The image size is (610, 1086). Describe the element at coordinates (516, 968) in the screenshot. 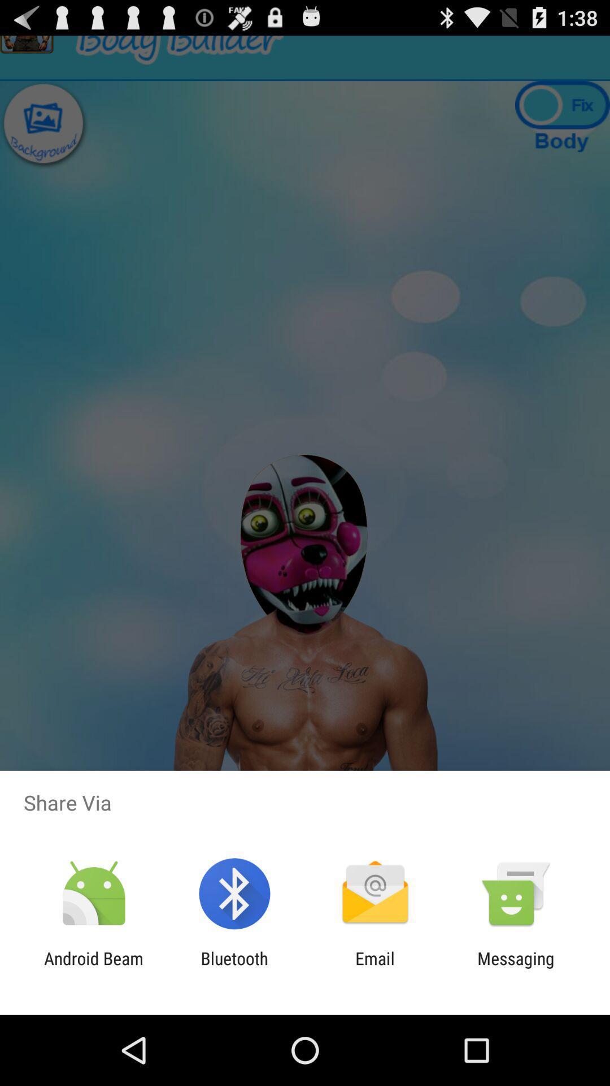

I see `app to the right of the email app` at that location.